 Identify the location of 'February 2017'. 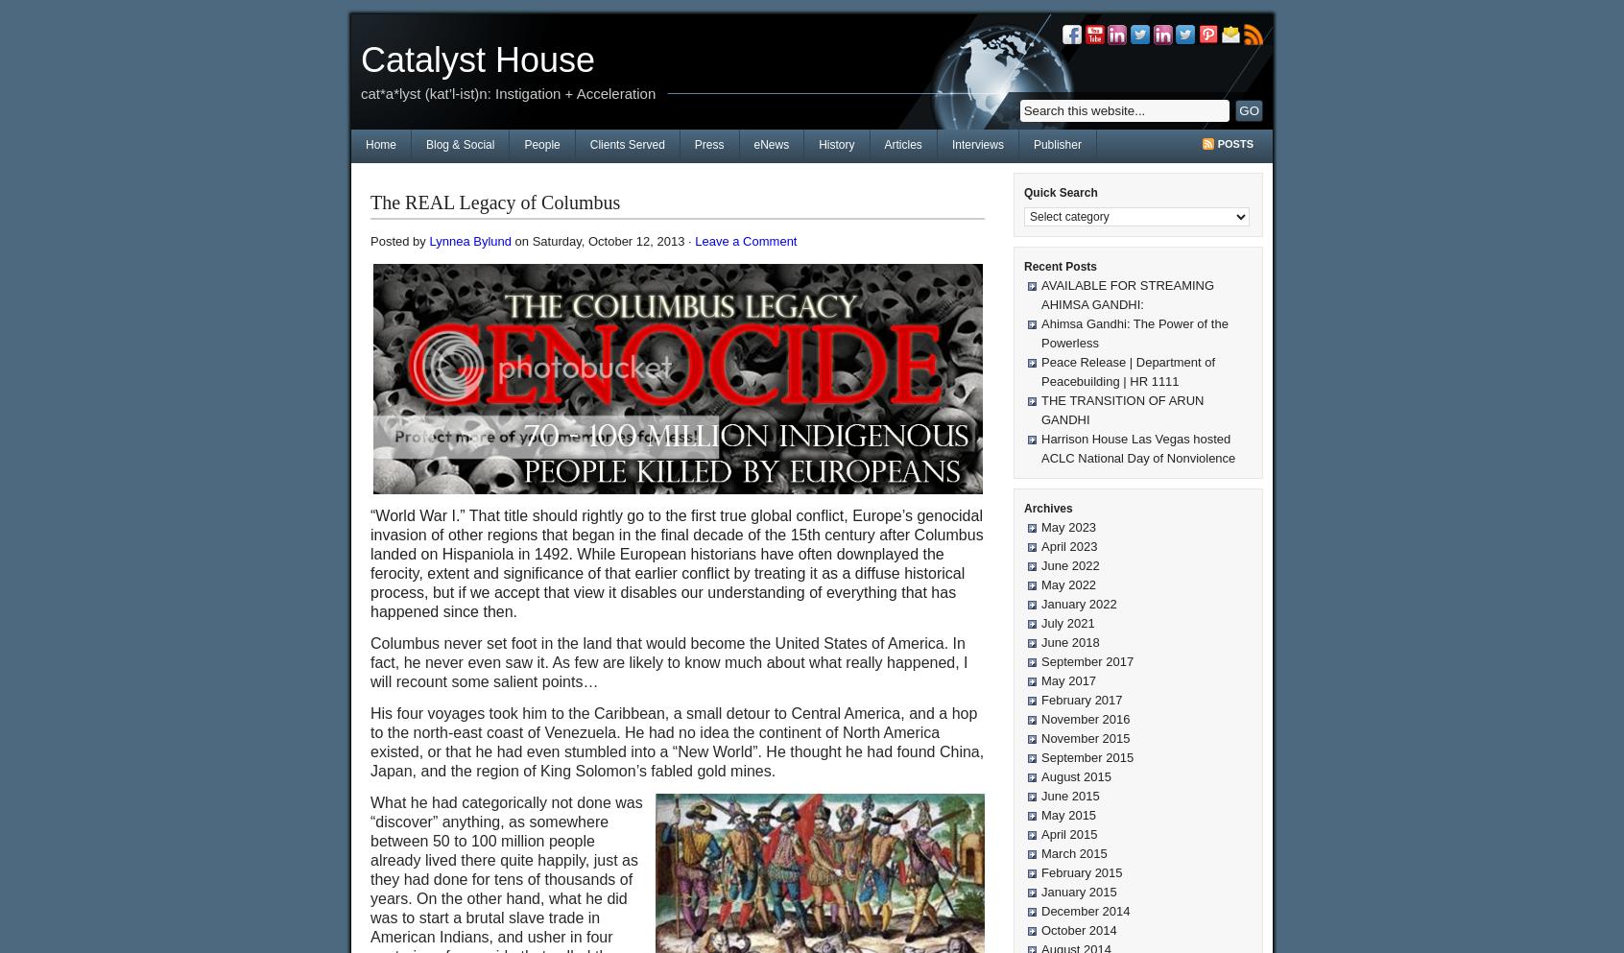
(1082, 700).